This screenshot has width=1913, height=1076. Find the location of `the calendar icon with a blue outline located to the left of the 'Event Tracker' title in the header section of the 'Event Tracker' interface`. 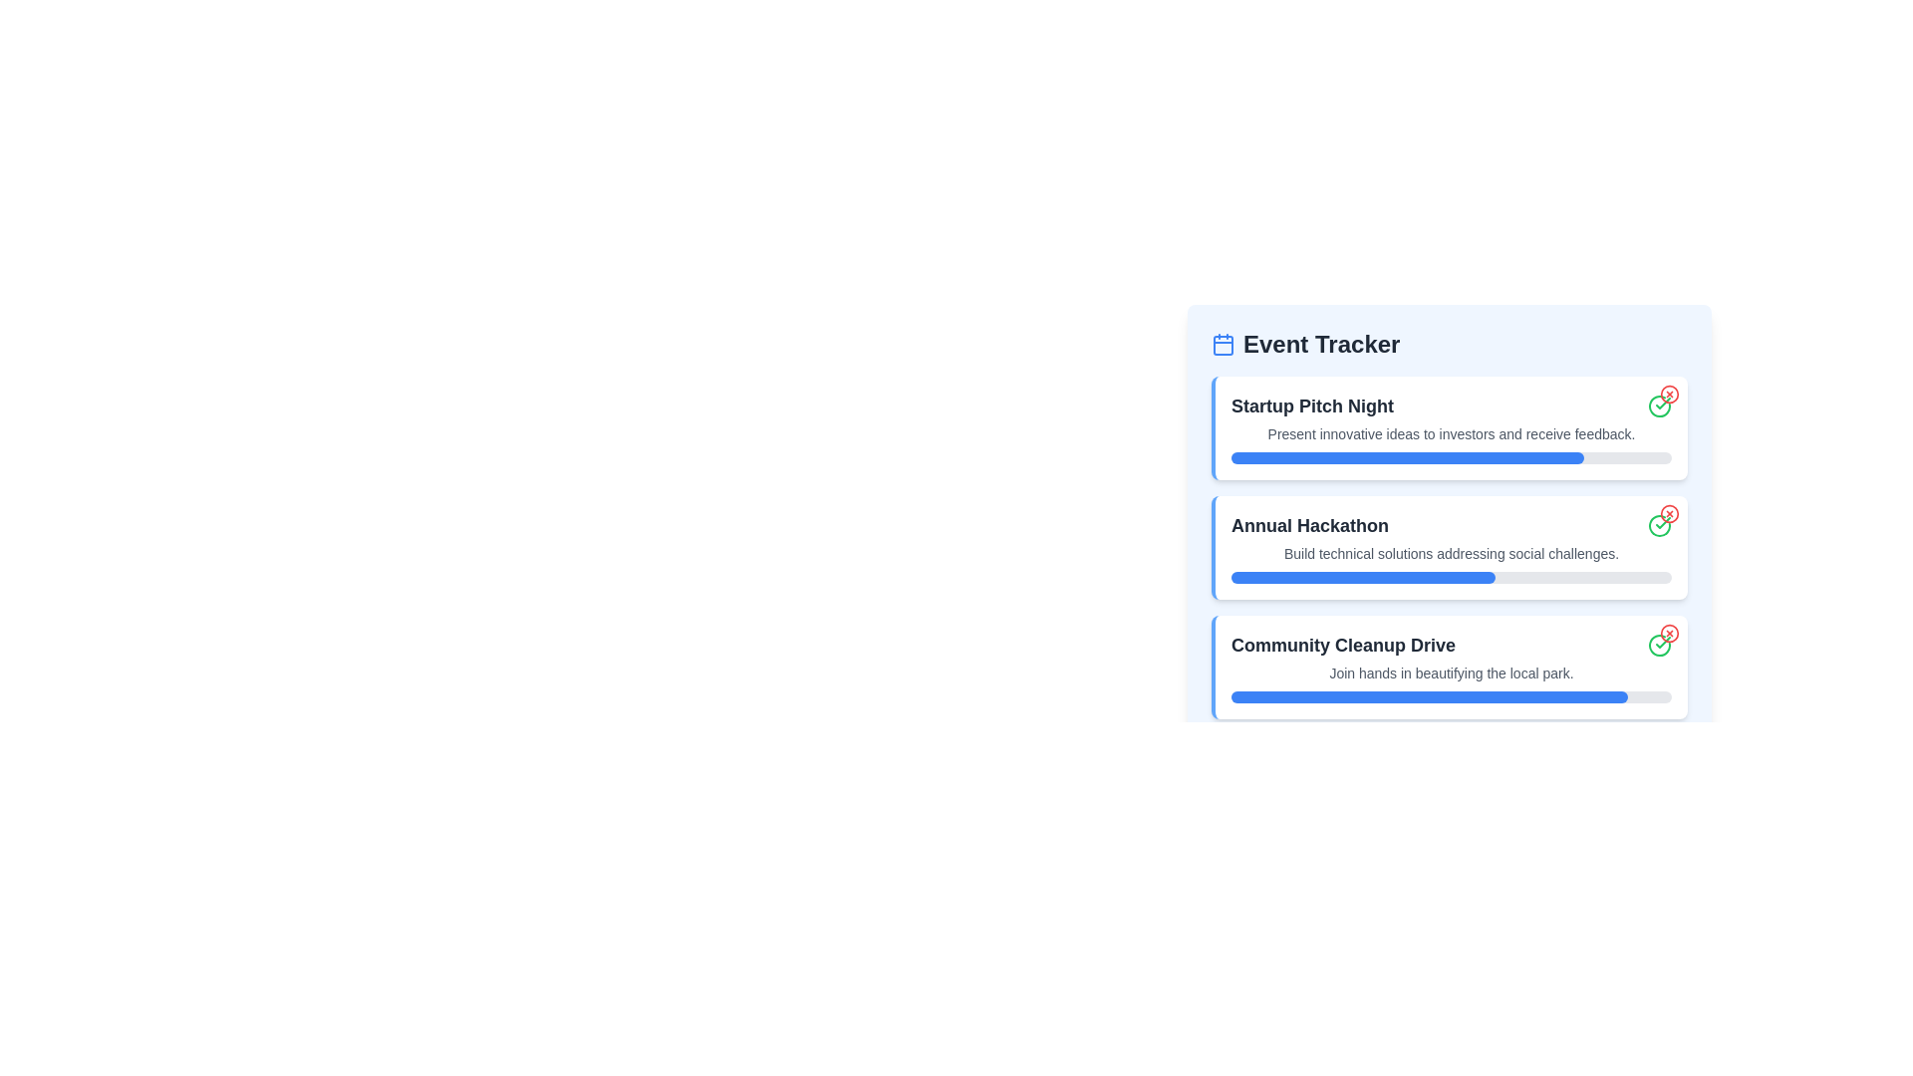

the calendar icon with a blue outline located to the left of the 'Event Tracker' title in the header section of the 'Event Tracker' interface is located at coordinates (1223, 344).